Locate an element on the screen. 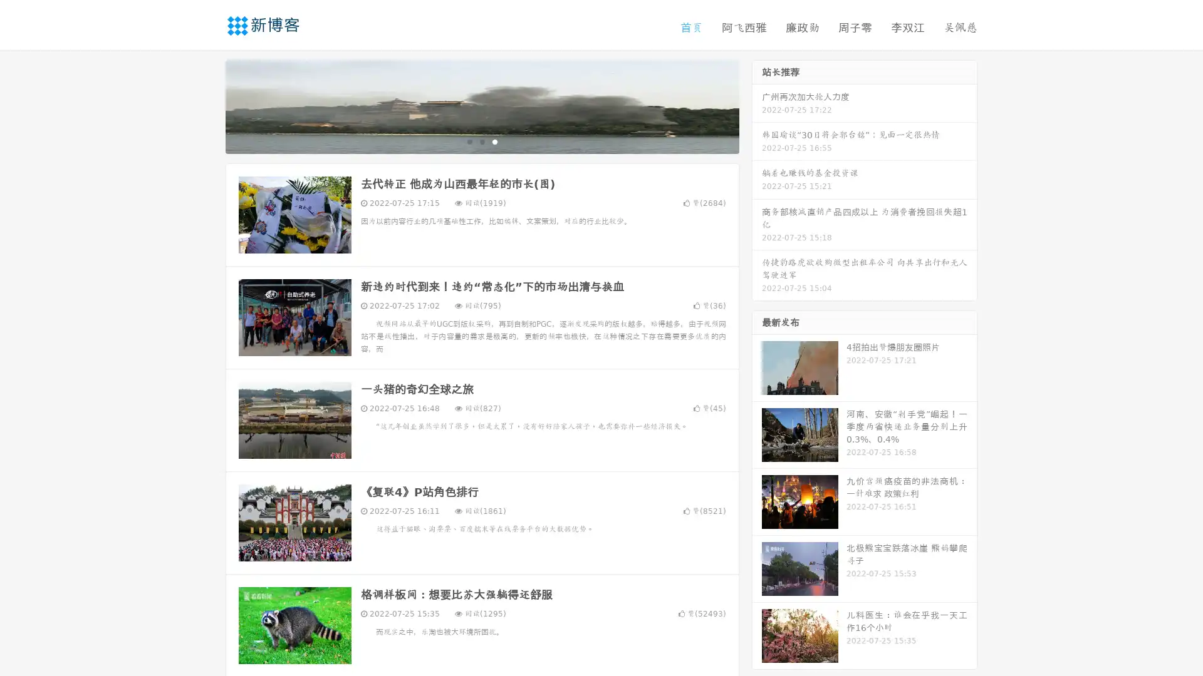  Go to slide 3 is located at coordinates (494, 141).